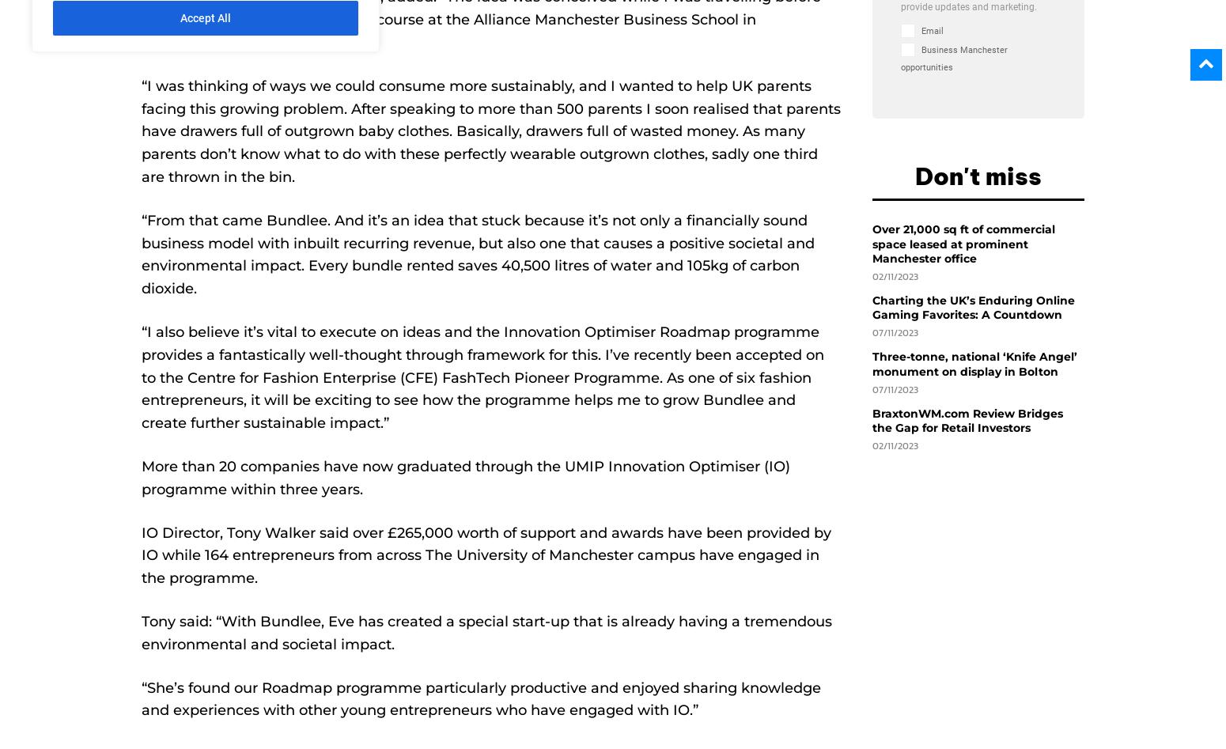  Describe the element at coordinates (478, 253) in the screenshot. I see `'“From that came Bundlee. And it’s an idea that stuck because it’s not only a financially sound business model with inbuilt recurring revenue, but also one that causes a positive societal and environmental impact. Every bundle rented saves 40,500 litres of water and 105kg of carbon dioxide.'` at that location.